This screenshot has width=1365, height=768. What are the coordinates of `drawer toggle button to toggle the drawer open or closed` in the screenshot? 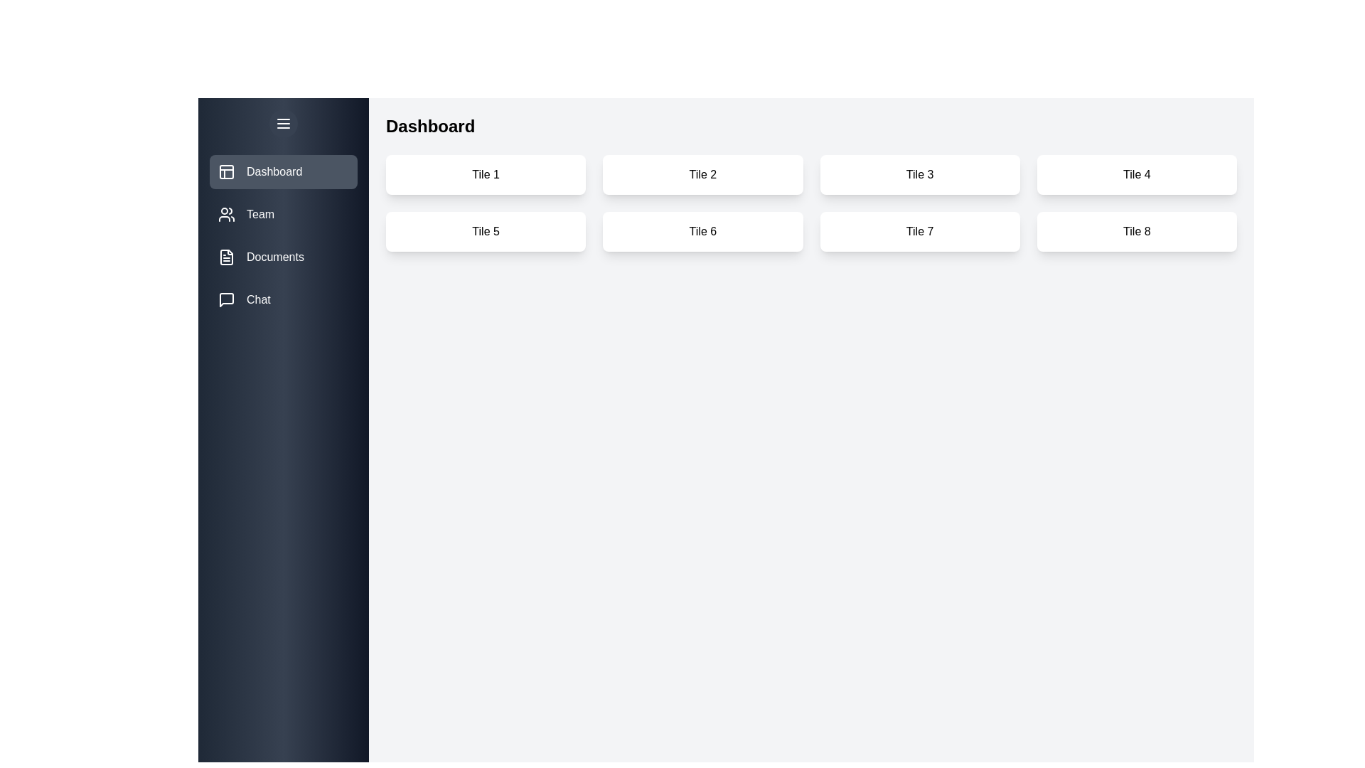 It's located at (283, 122).